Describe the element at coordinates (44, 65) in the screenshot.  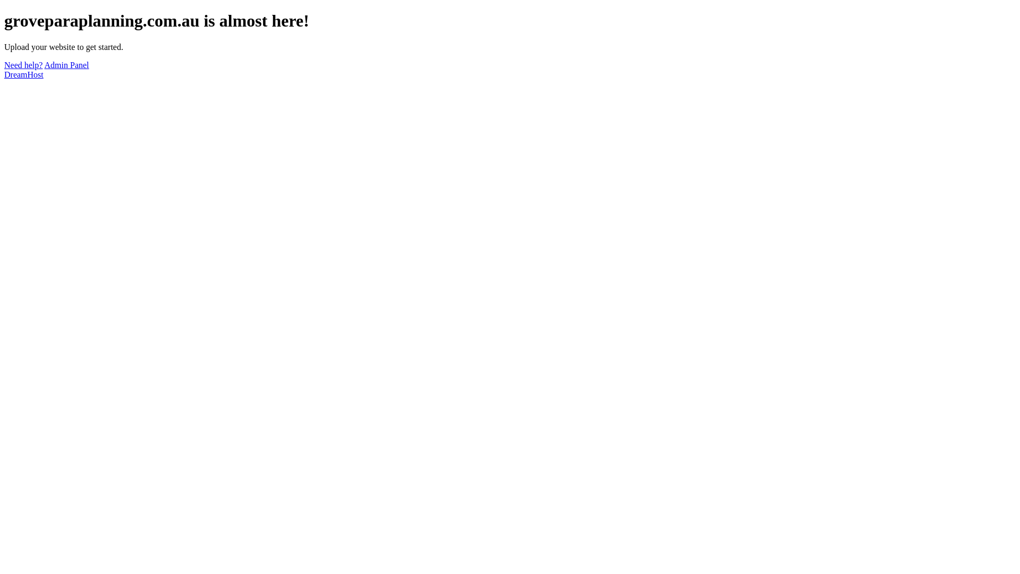
I see `'Admin Panel'` at that location.